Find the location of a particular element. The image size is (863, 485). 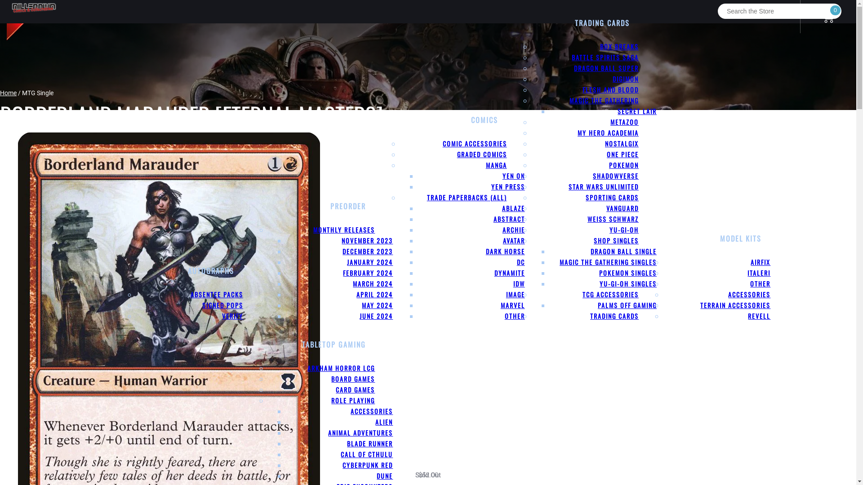

'NOVEMBER 2023' is located at coordinates (367, 240).